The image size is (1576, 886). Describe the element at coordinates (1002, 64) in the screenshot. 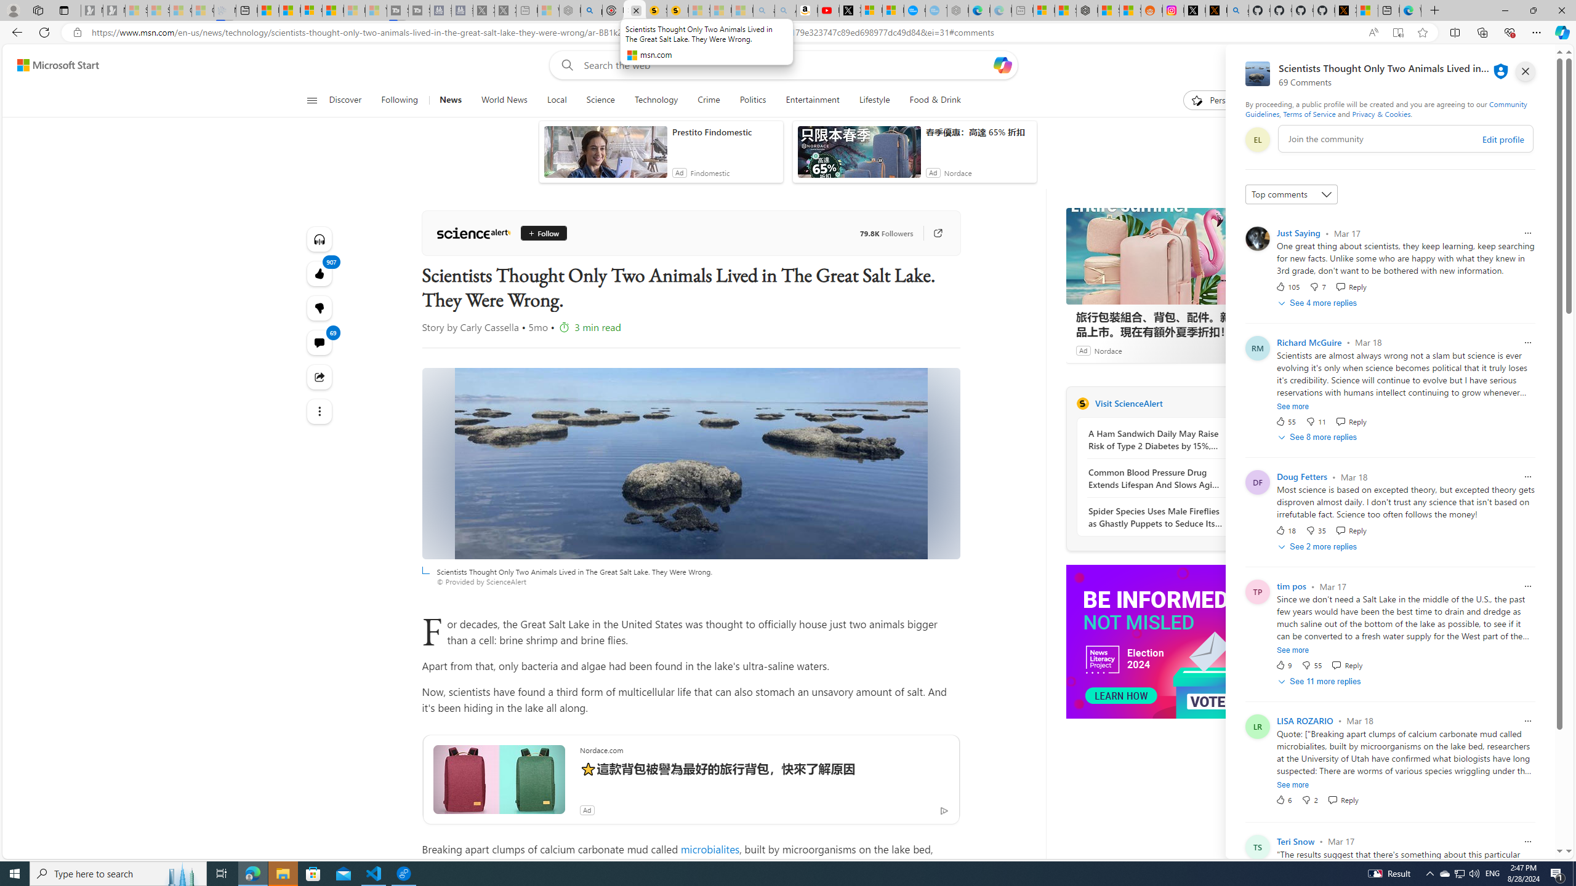

I see `'Open Copilot'` at that location.